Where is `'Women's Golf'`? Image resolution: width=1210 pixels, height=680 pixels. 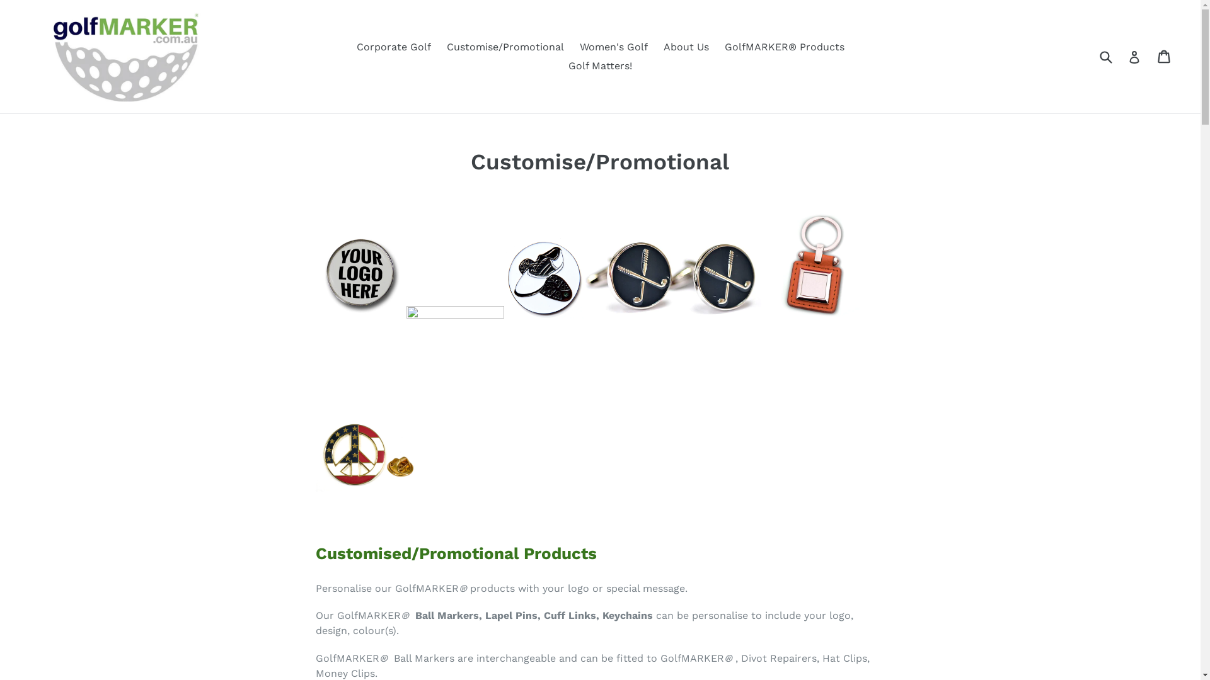
'Women's Golf' is located at coordinates (614, 46).